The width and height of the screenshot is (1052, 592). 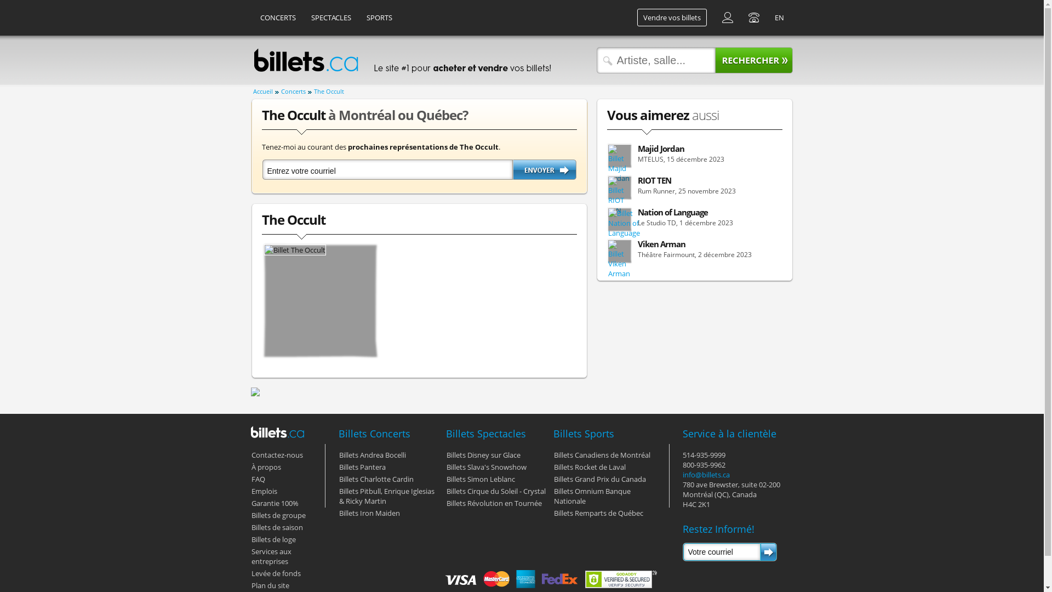 What do you see at coordinates (386, 496) in the screenshot?
I see `'Billets Pitbull, Enrique Iglesias & Ricky Martin'` at bounding box center [386, 496].